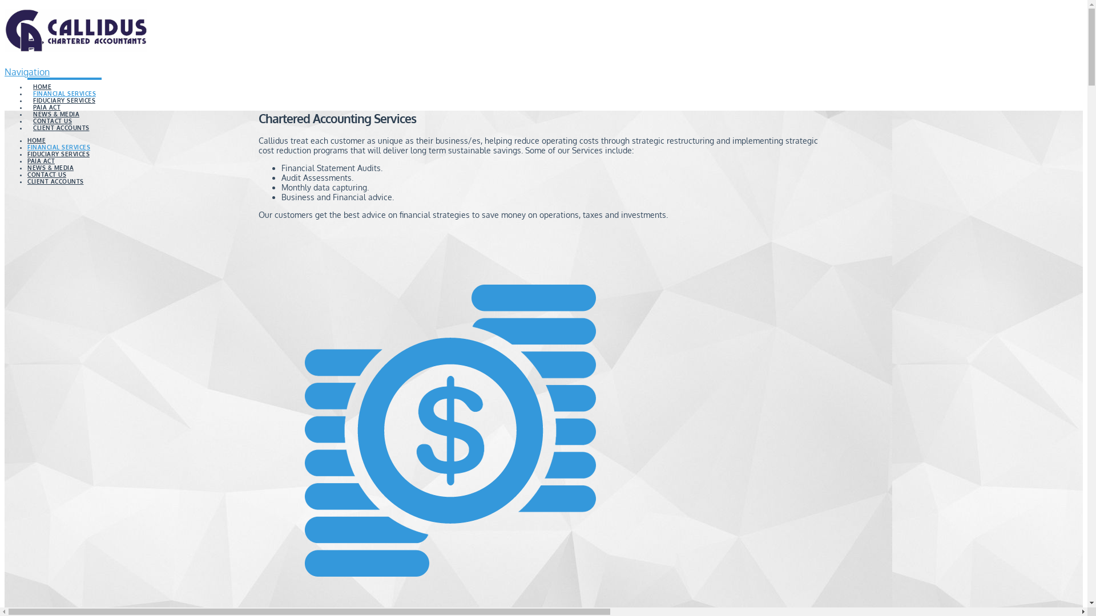 This screenshot has width=1096, height=616. Describe the element at coordinates (27, 72) in the screenshot. I see `'Navigation'` at that location.